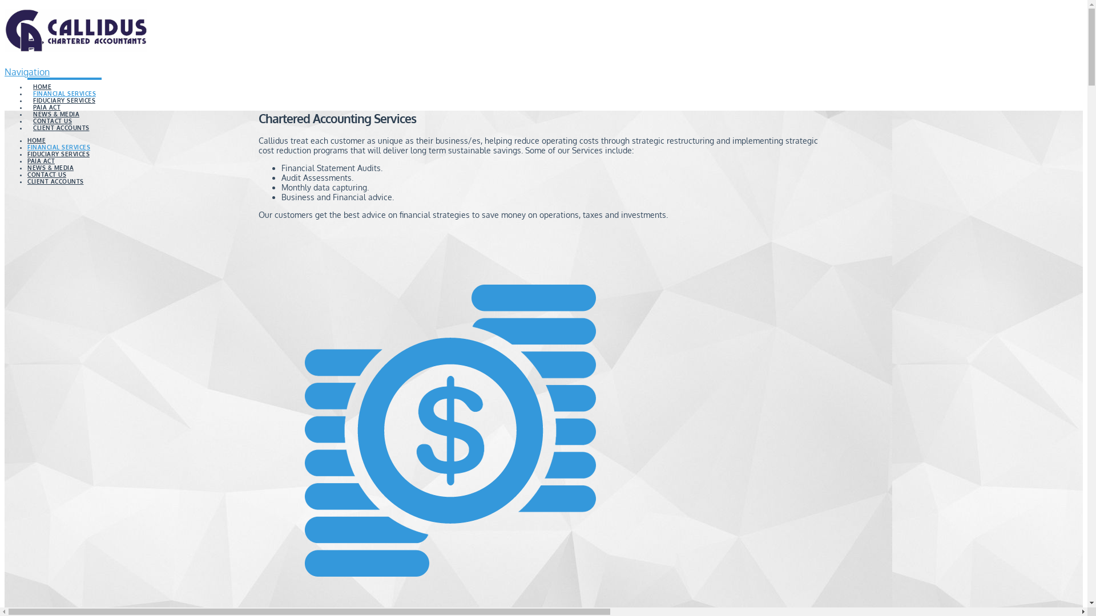 This screenshot has width=1096, height=616. Describe the element at coordinates (27, 72) in the screenshot. I see `'Navigation'` at that location.